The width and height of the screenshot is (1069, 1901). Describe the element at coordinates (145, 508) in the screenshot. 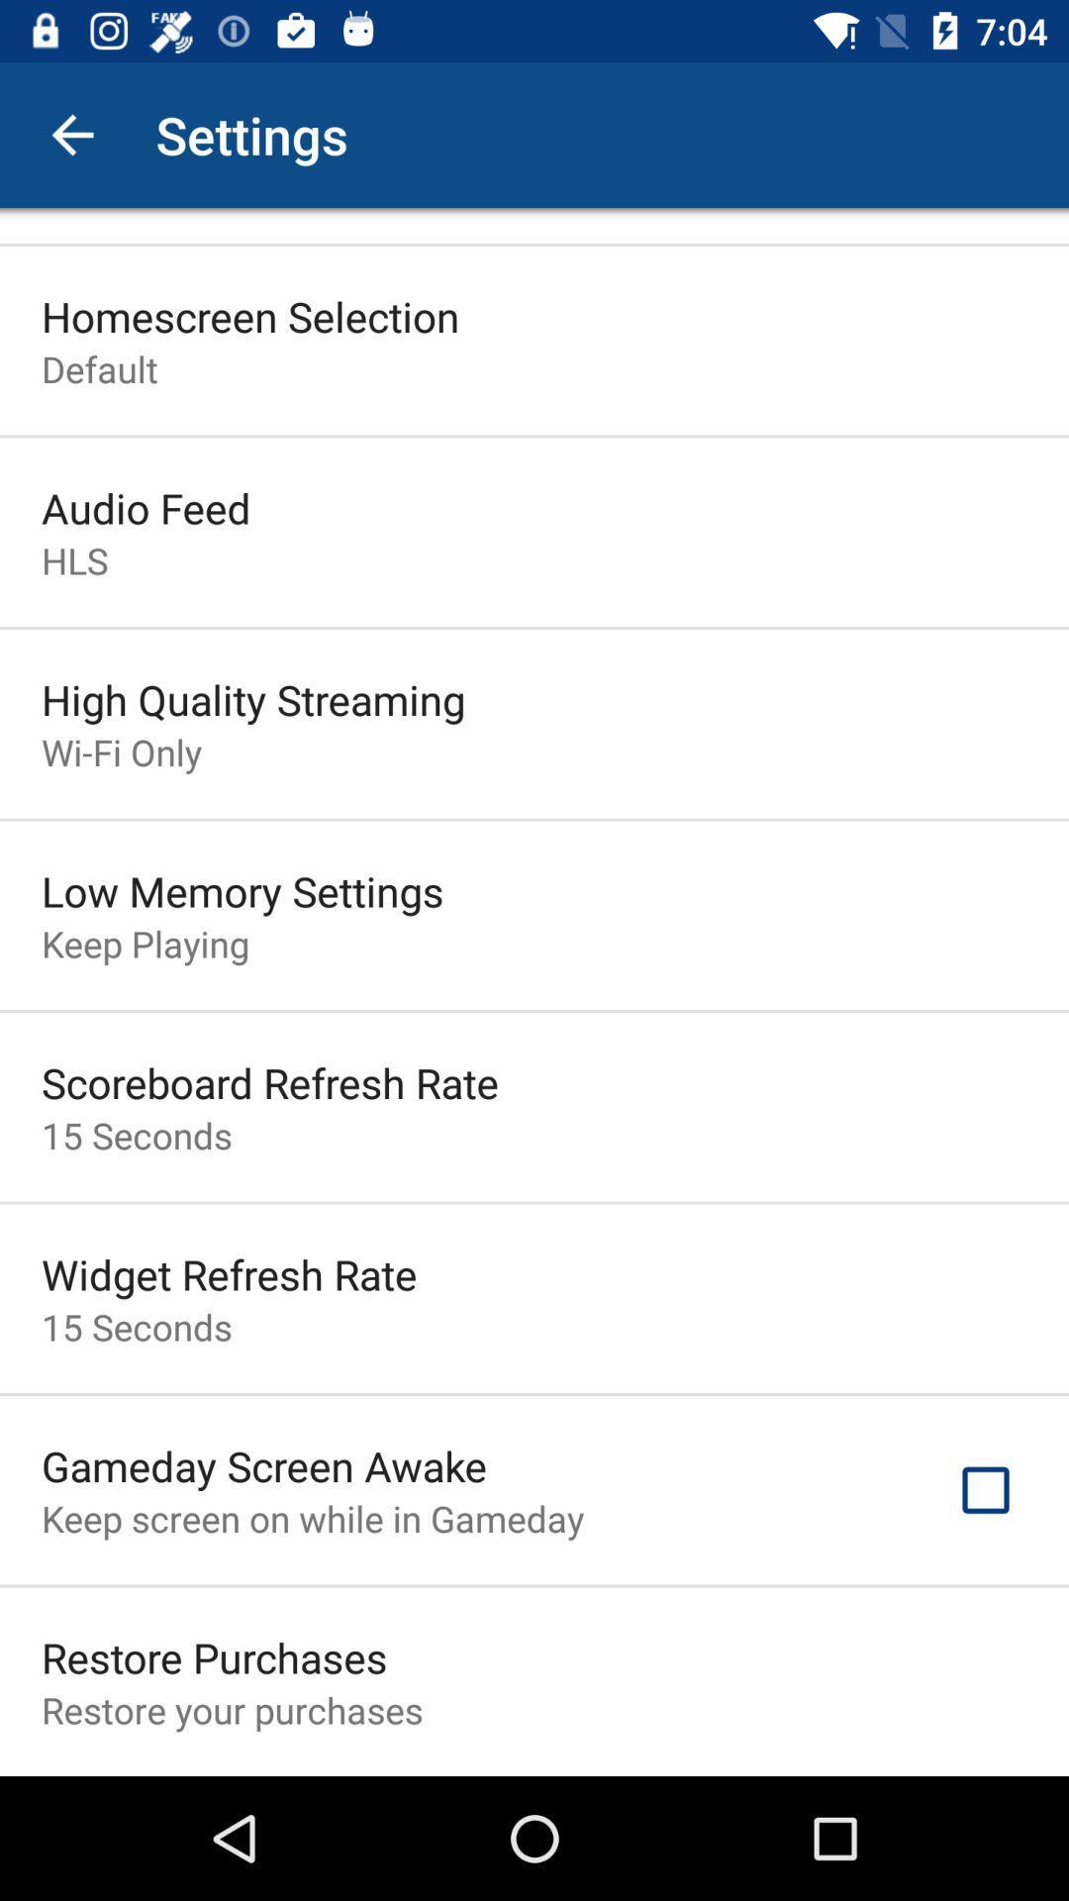

I see `item above hls` at that location.